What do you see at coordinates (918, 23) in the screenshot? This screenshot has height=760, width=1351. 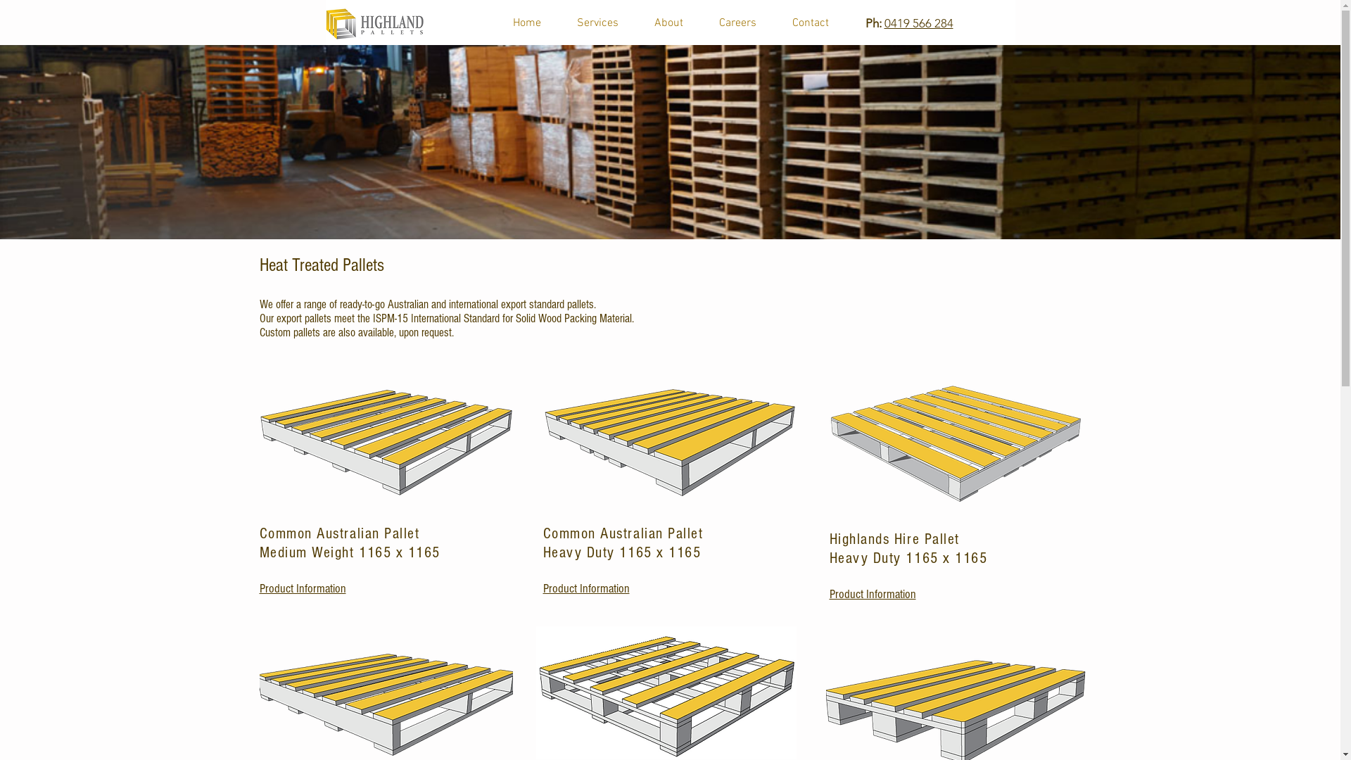 I see `'0419 566 284'` at bounding box center [918, 23].